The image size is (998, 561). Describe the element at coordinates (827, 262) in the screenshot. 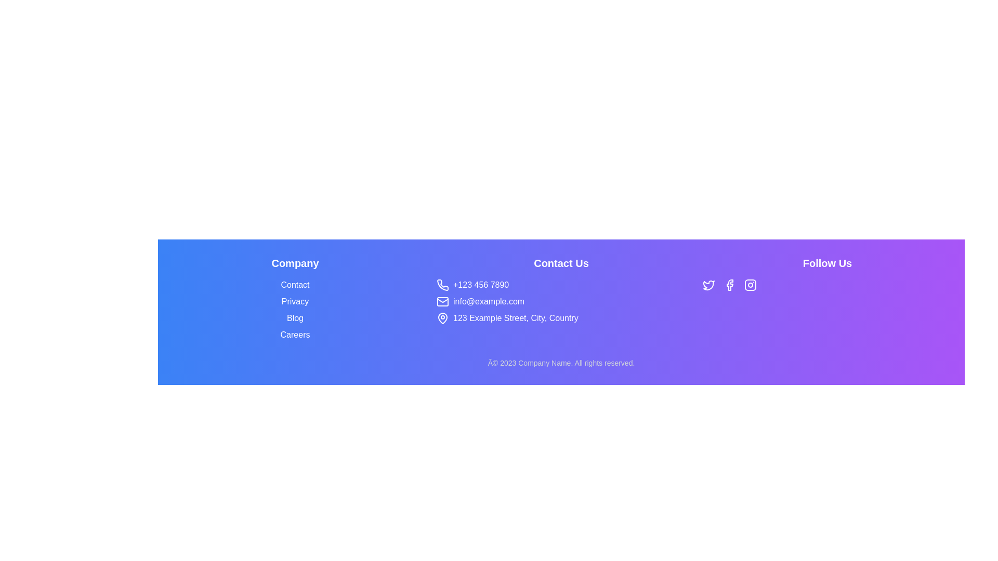

I see `the 'Follow Us' text label, which is prominently displayed in a larger font on a gradient purple and blue background in the top-right area of the footer` at that location.